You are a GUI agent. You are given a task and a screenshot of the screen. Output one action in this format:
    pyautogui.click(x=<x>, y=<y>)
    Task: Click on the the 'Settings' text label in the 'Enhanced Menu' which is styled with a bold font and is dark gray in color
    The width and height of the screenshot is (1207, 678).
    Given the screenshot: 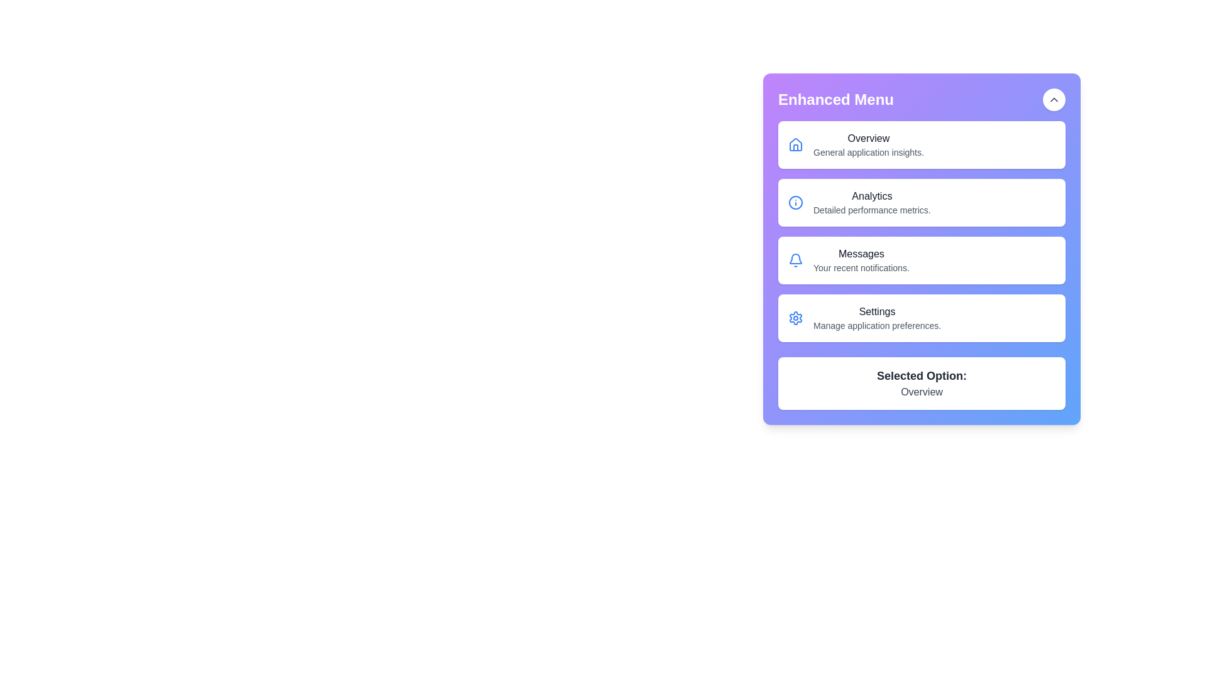 What is the action you would take?
    pyautogui.click(x=876, y=311)
    